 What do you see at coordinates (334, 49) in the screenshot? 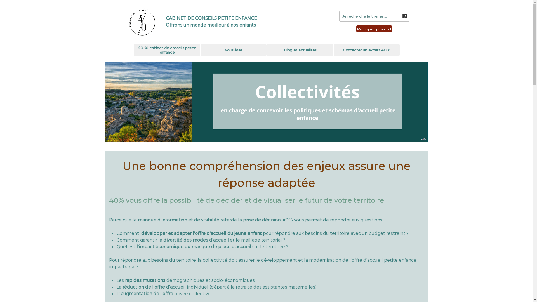
I see `'Contacter un expert 40%'` at bounding box center [334, 49].